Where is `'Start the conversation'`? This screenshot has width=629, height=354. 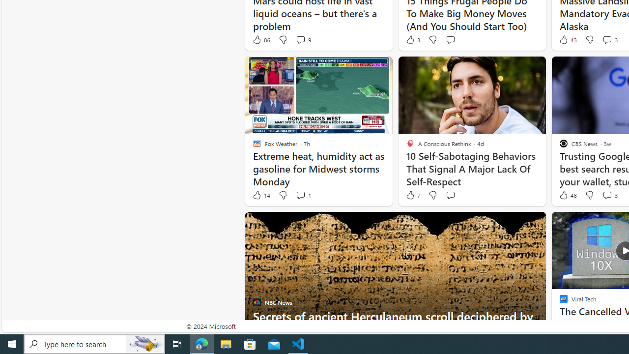 'Start the conversation' is located at coordinates (450, 195).